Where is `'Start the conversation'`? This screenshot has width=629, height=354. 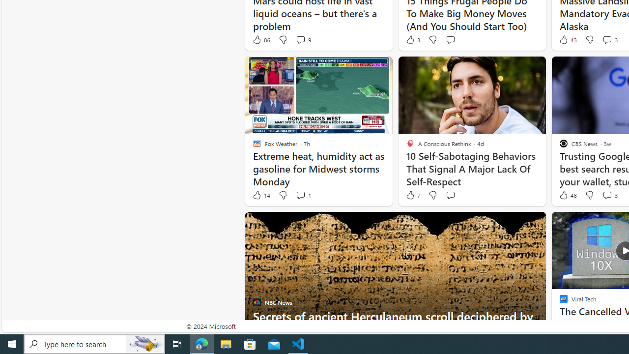 'Start the conversation' is located at coordinates (450, 195).